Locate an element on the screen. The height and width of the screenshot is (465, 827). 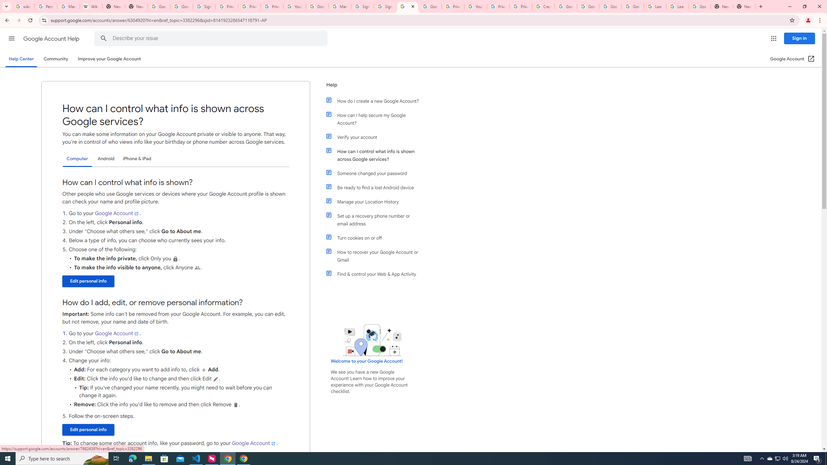
'iPhone & iPad' is located at coordinates (137, 158).